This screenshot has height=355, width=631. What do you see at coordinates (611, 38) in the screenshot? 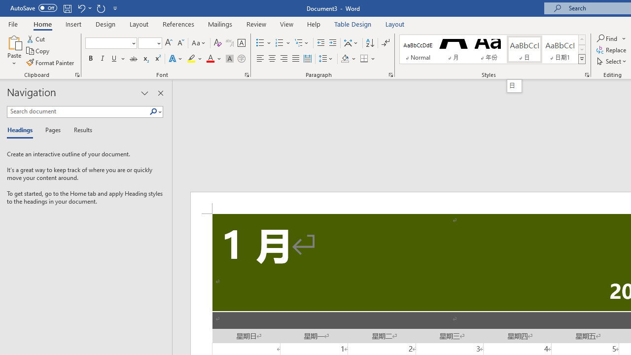
I see `'Find'` at bounding box center [611, 38].